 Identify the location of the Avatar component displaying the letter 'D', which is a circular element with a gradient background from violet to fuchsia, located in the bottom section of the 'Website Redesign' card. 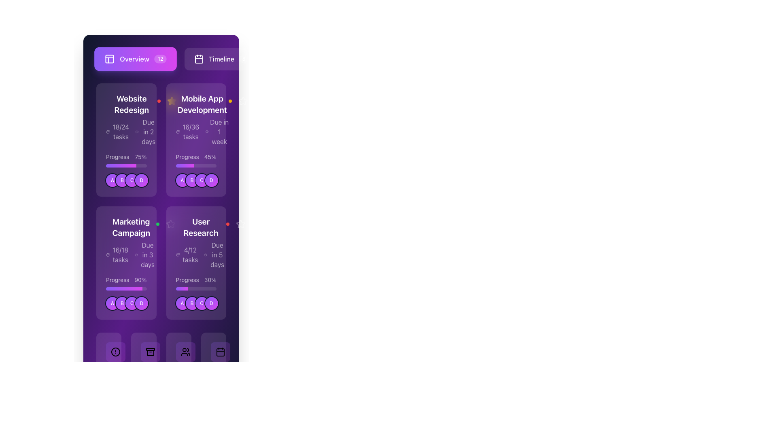
(142, 180).